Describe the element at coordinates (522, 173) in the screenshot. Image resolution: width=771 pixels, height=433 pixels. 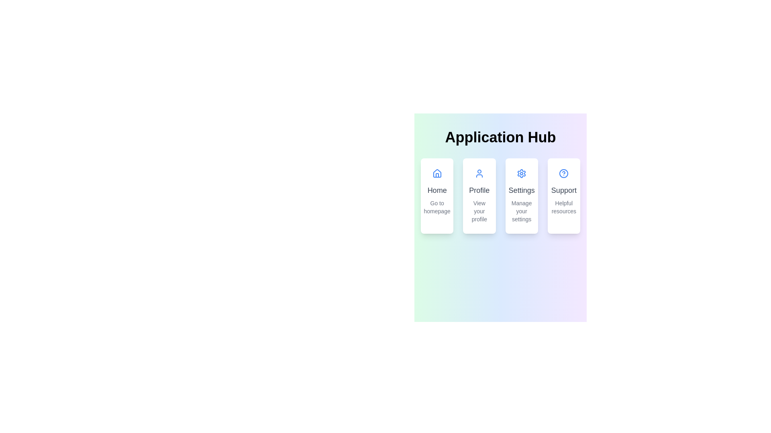
I see `the blue gear icon representing settings located at the top of the 'Settings' card in the grid of cards` at that location.